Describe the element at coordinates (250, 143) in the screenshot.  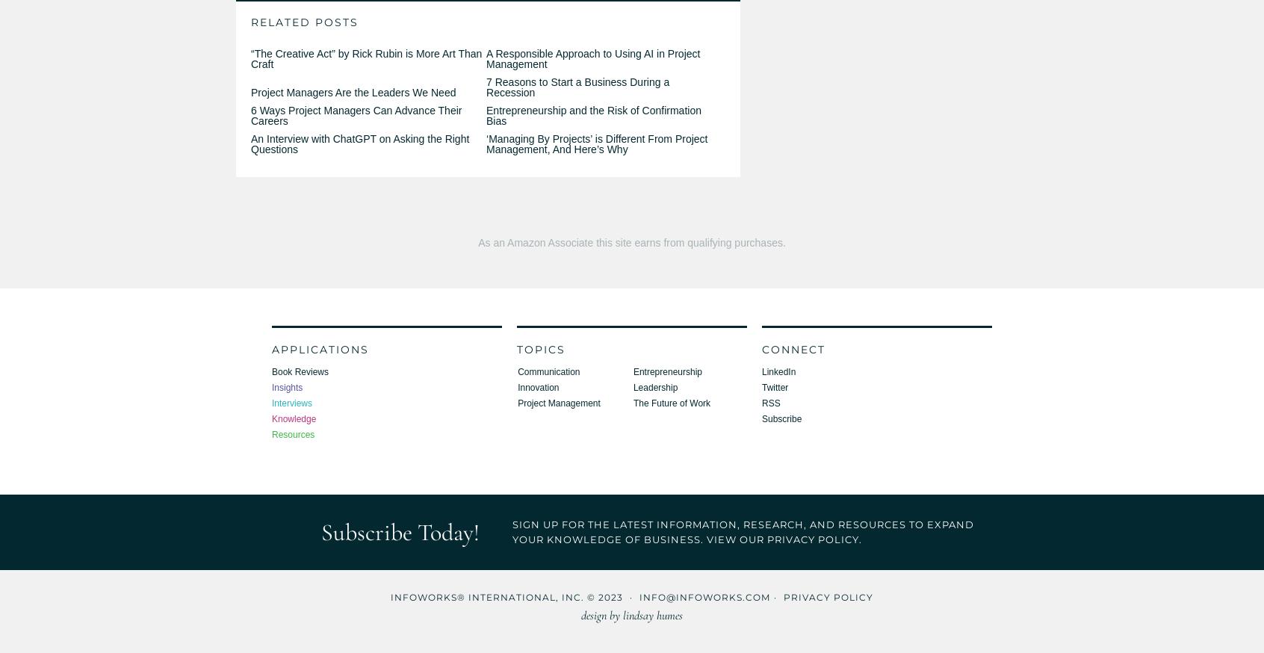
I see `'An Interview with ChatGPT on Asking the Right Questions'` at that location.